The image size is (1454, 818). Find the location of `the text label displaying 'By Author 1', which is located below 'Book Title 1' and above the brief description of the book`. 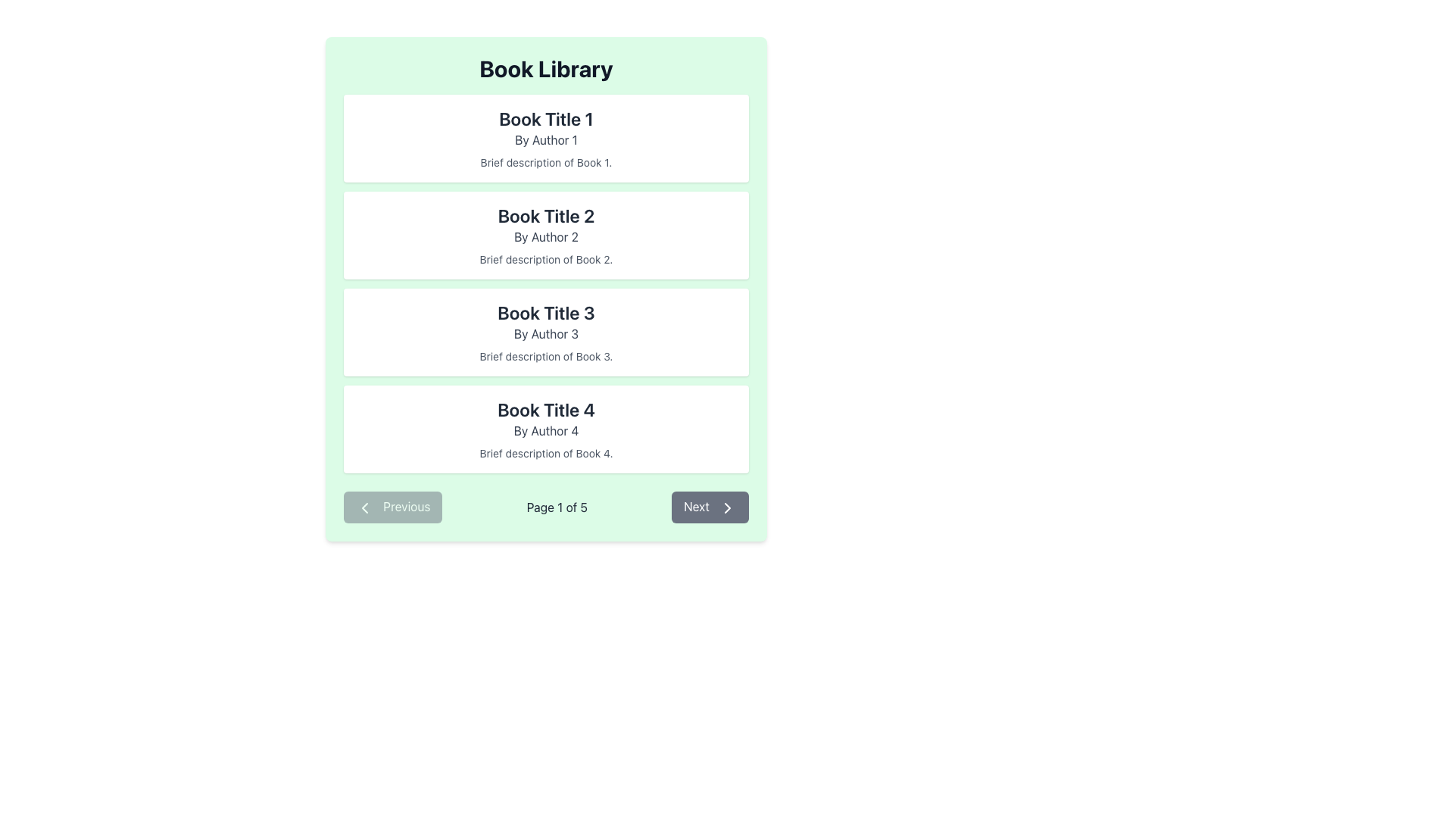

the text label displaying 'By Author 1', which is located below 'Book Title 1' and above the brief description of the book is located at coordinates (545, 140).